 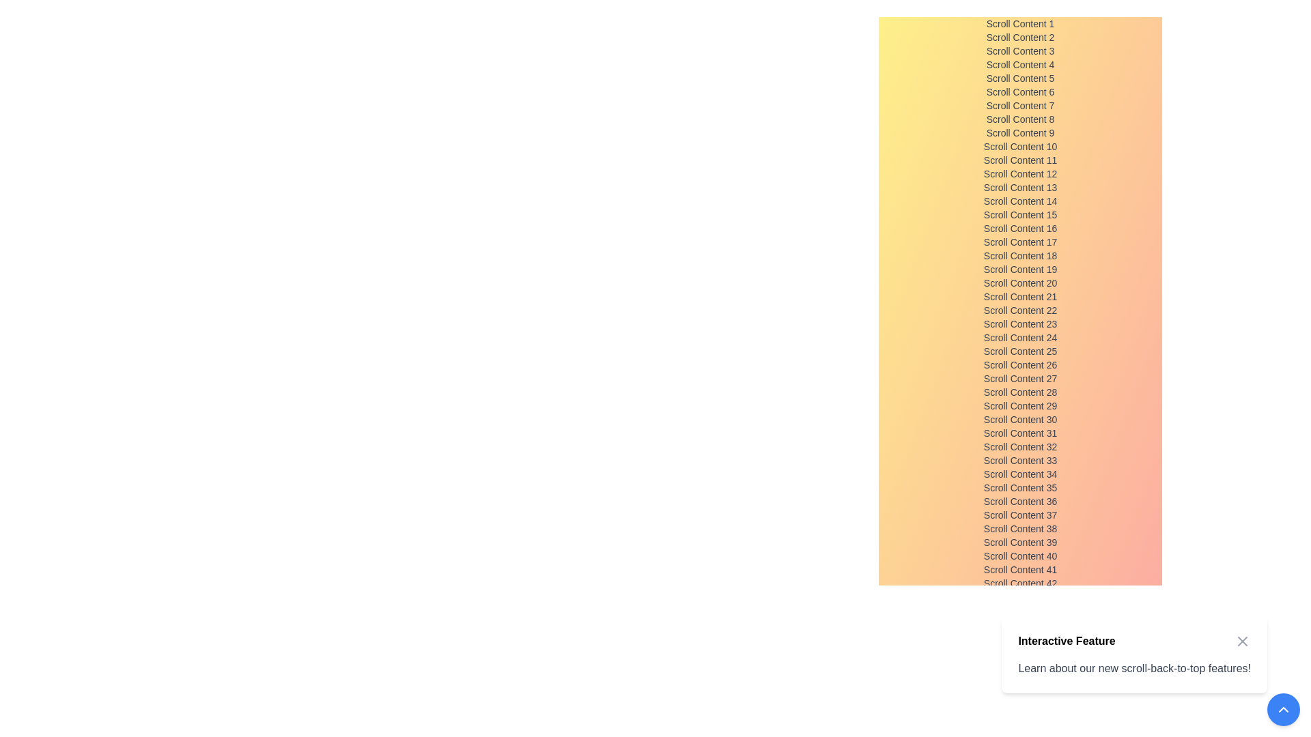 I want to click on the static text label, which is the 41st item in a vertically stacked list, located near the bottom of the list, so click(x=1020, y=569).